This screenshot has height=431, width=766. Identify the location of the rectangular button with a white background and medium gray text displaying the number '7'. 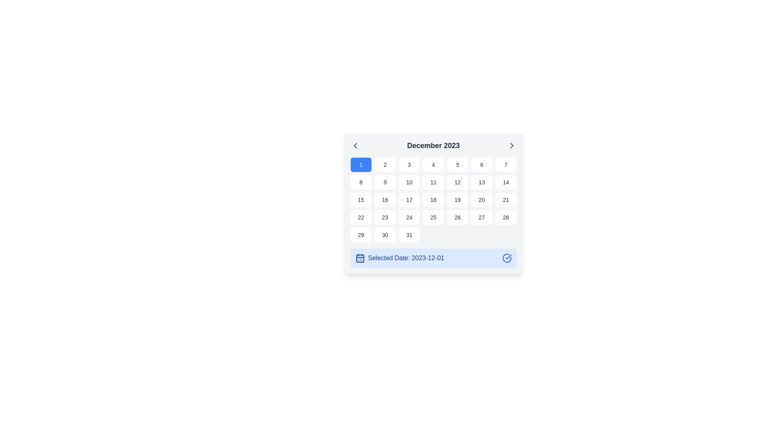
(505, 164).